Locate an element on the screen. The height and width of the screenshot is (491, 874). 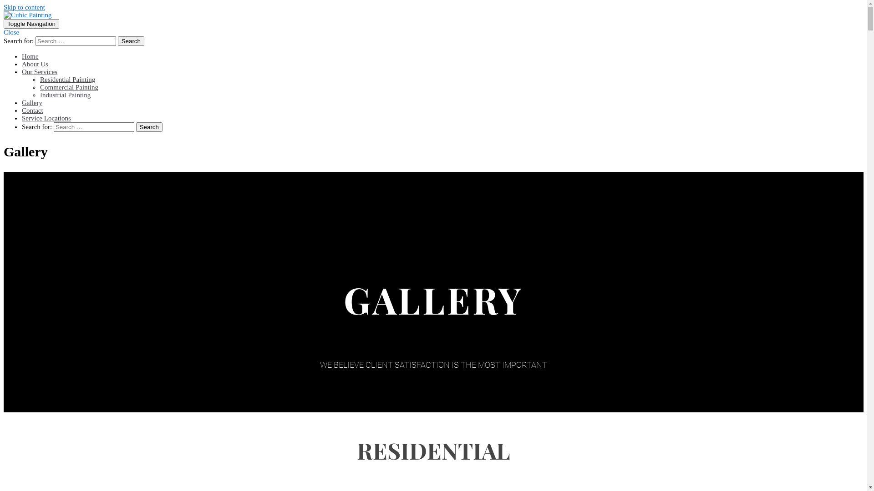
'Commercial Painting' is located at coordinates (69, 87).